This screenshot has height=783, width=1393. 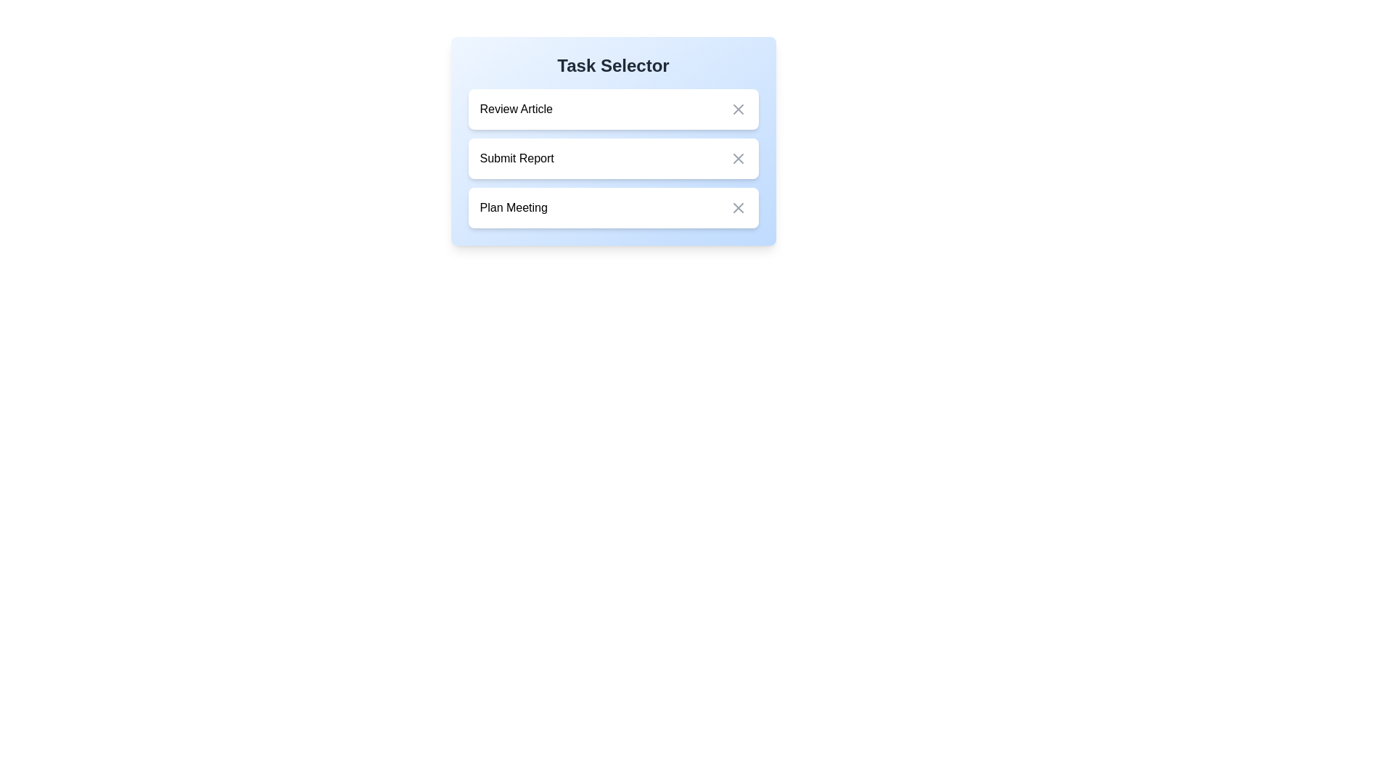 What do you see at coordinates (738, 108) in the screenshot?
I see `the Icon button located at the top-right corner of the 'Review Article' task panel` at bounding box center [738, 108].